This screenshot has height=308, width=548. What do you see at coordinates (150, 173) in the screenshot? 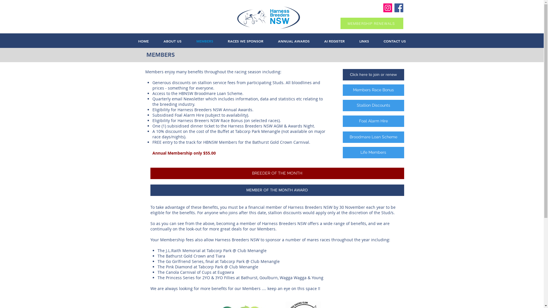
I see `'BREEDER OF THE MONTH'` at bounding box center [150, 173].